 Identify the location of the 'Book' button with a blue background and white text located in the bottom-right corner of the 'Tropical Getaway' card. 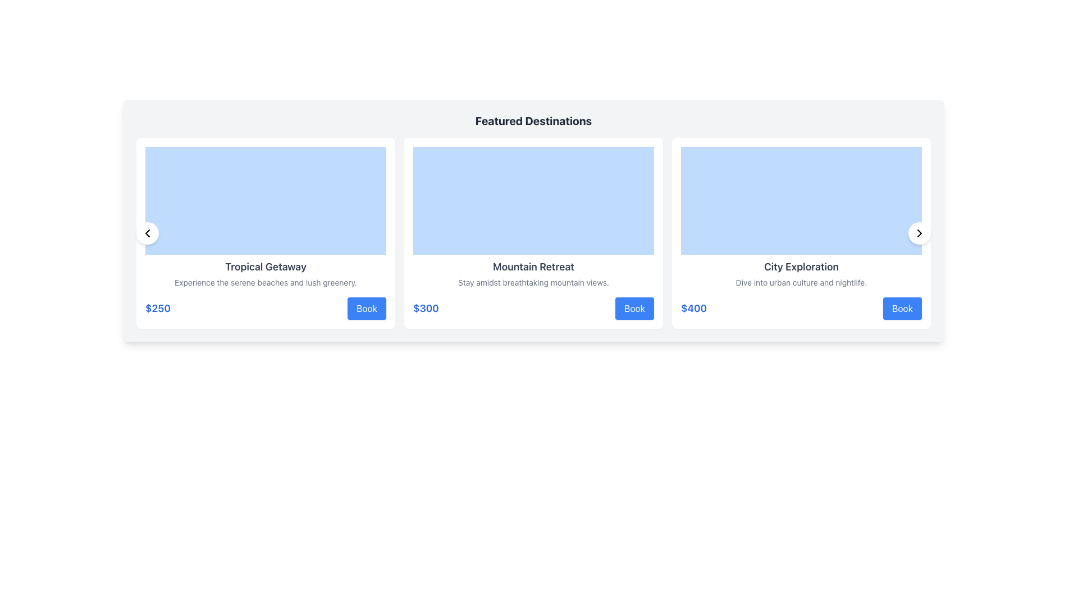
(367, 309).